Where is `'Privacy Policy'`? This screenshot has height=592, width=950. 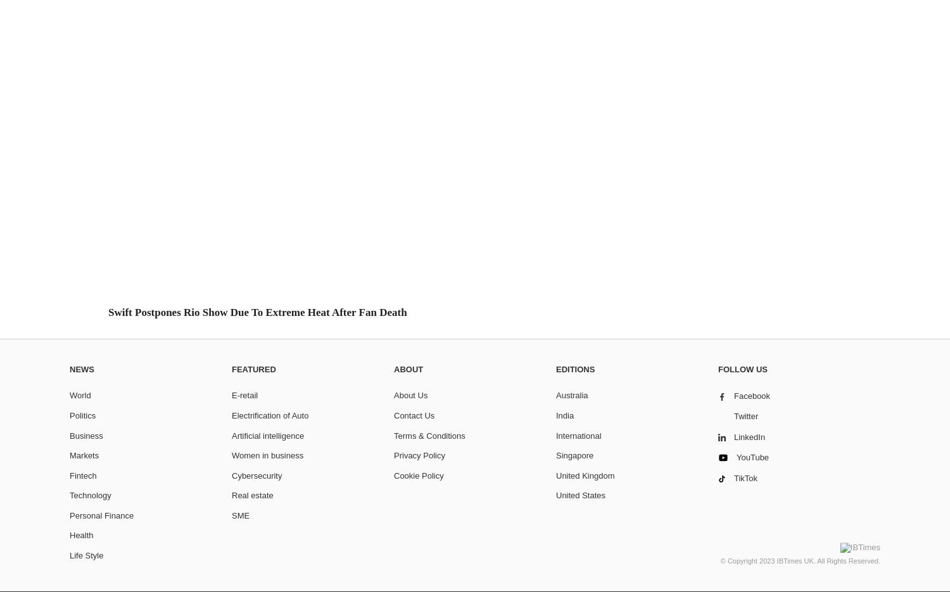
'Privacy Policy' is located at coordinates (393, 455).